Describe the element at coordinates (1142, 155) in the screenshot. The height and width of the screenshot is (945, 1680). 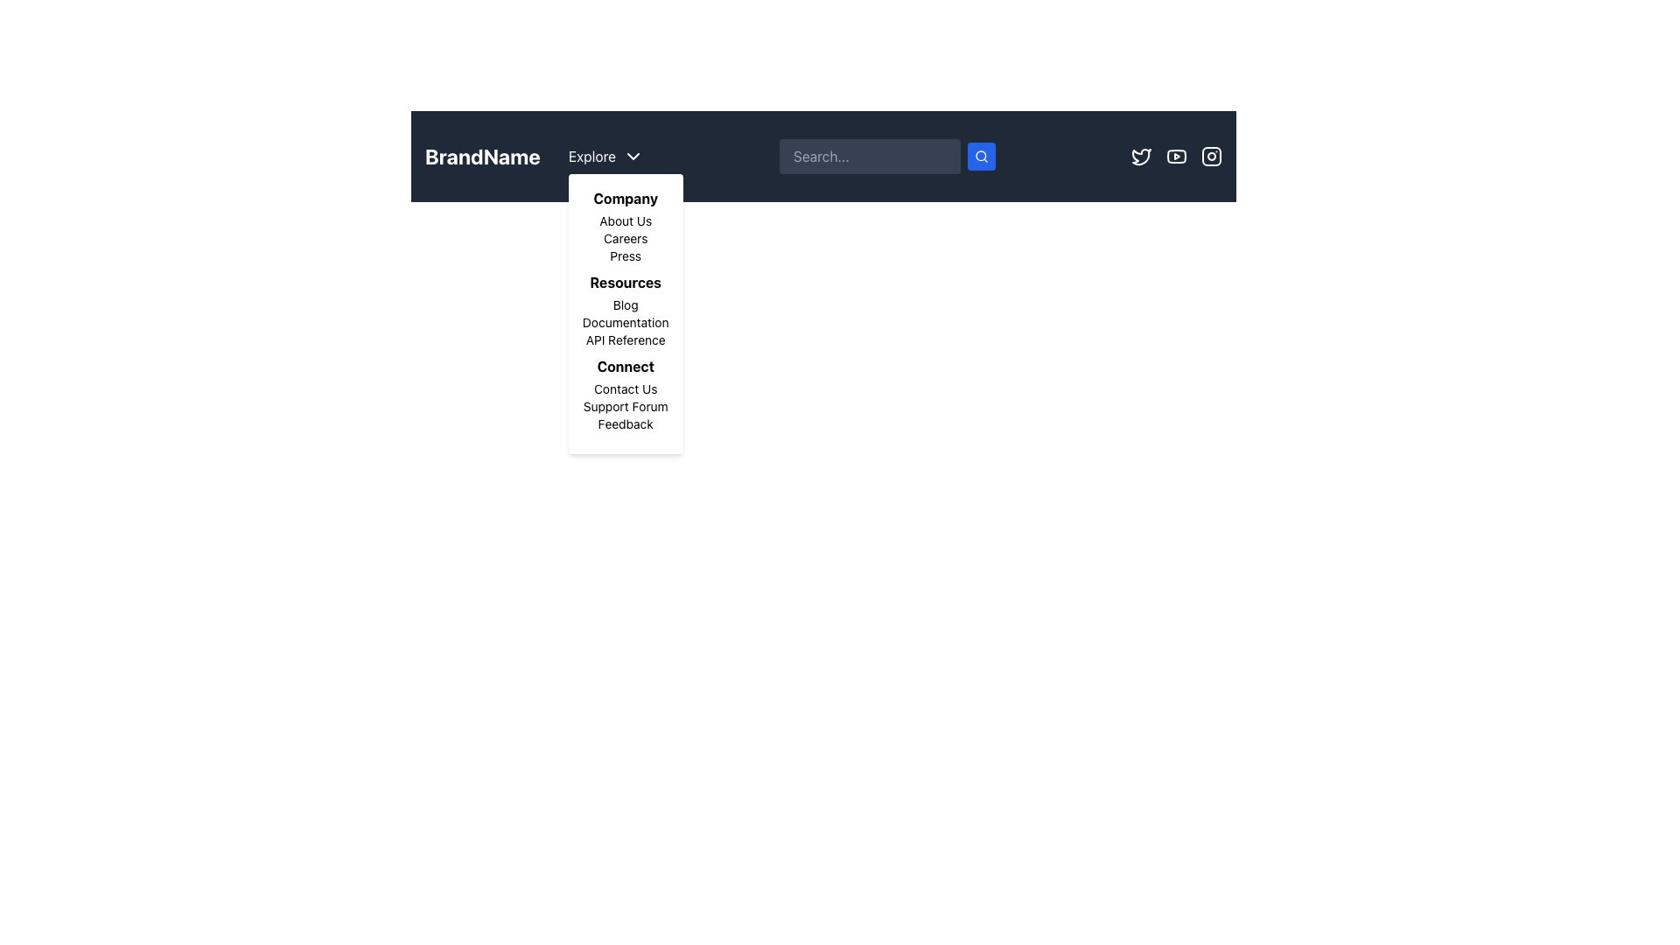
I see `the Twitter icon button located in the top-right corner of the dark navigation bar, which serves as a navigational button to redirect users to the Twitter page or profile` at that location.